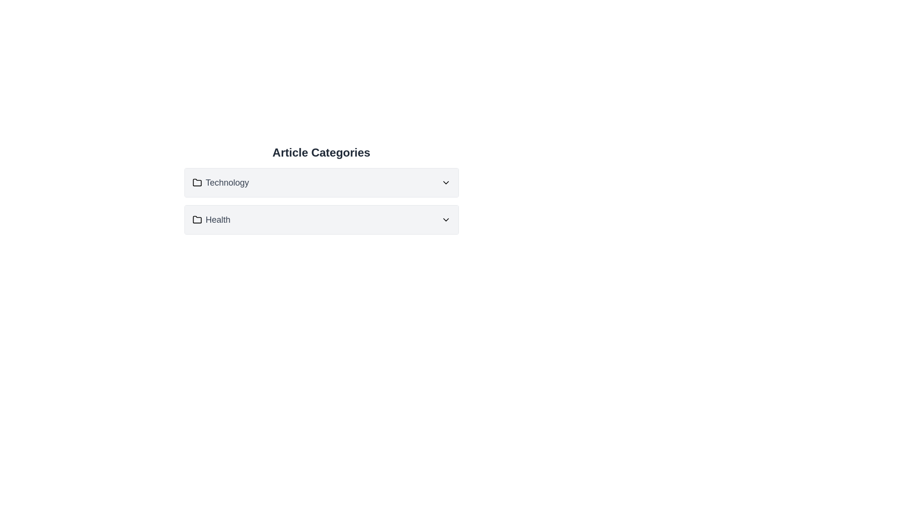  What do you see at coordinates (445, 183) in the screenshot?
I see `the dropdown arrow or expansion toggle icon located at the rightmost part of the 'Technology' header to get focus feedback` at bounding box center [445, 183].